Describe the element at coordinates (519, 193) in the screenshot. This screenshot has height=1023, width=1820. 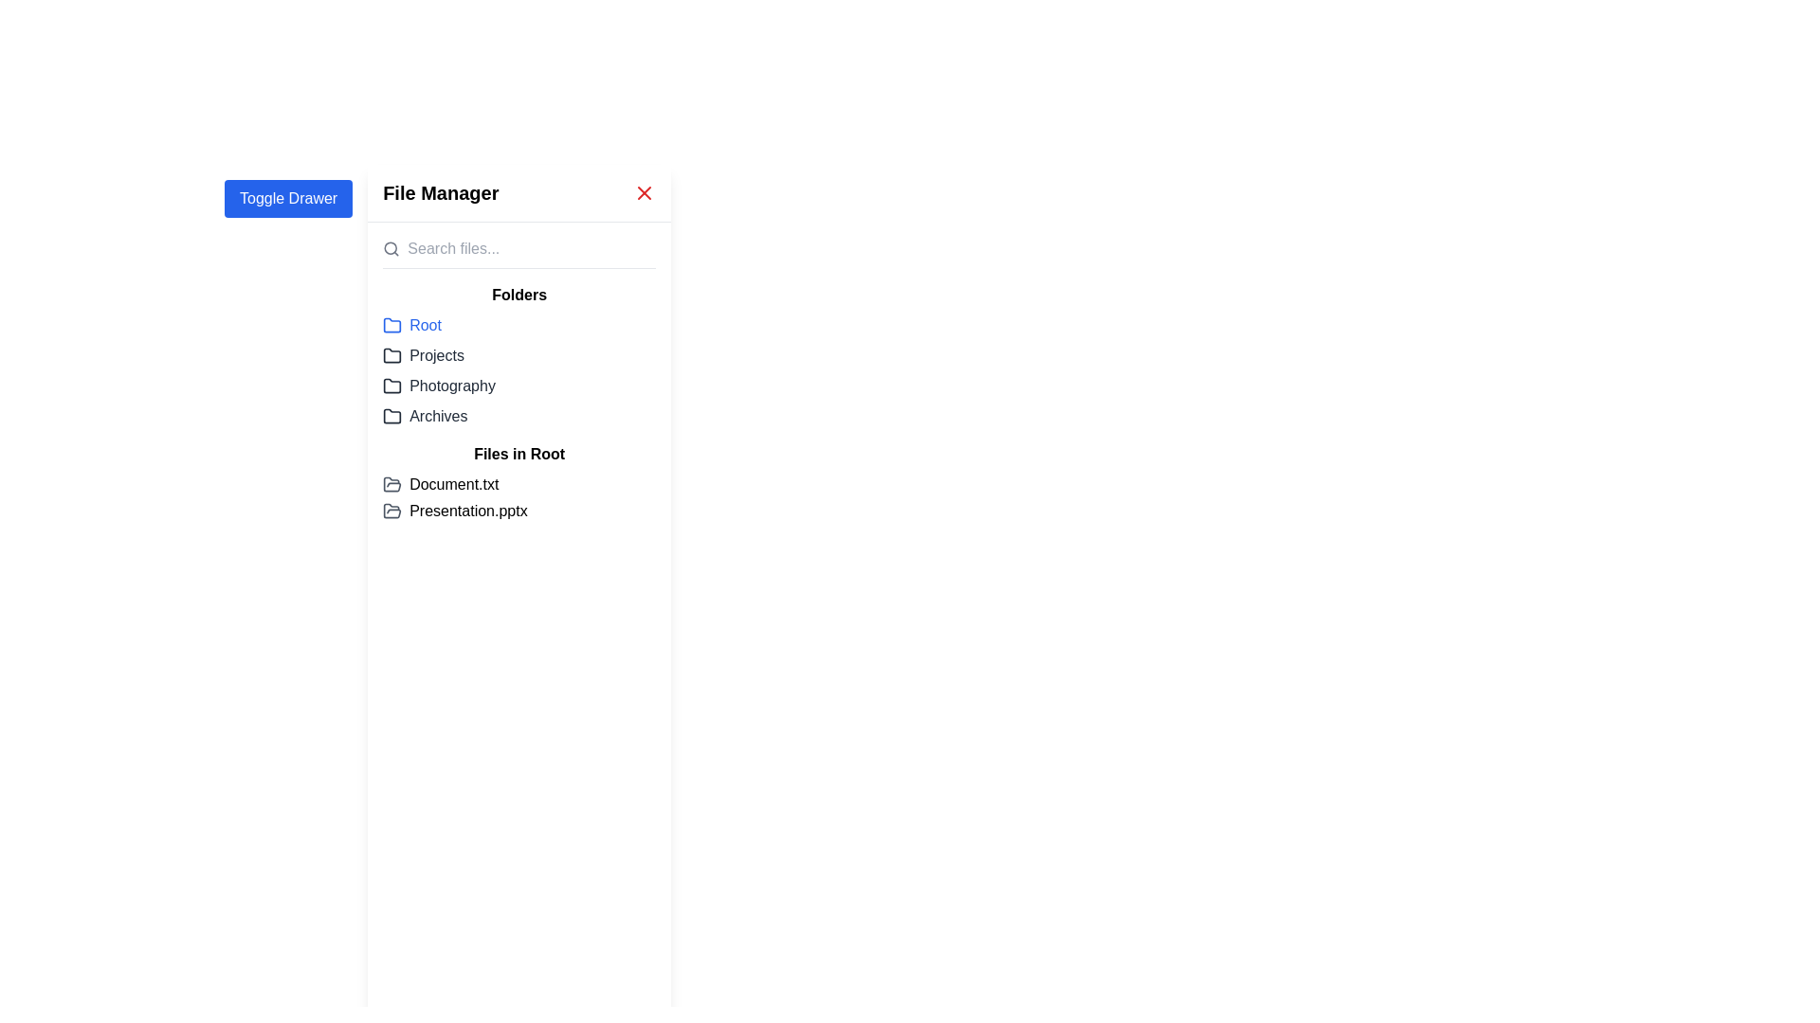
I see `the 'File Manager' header element located at the top of the vertical sidebar by moving the cursor to its center` at that location.